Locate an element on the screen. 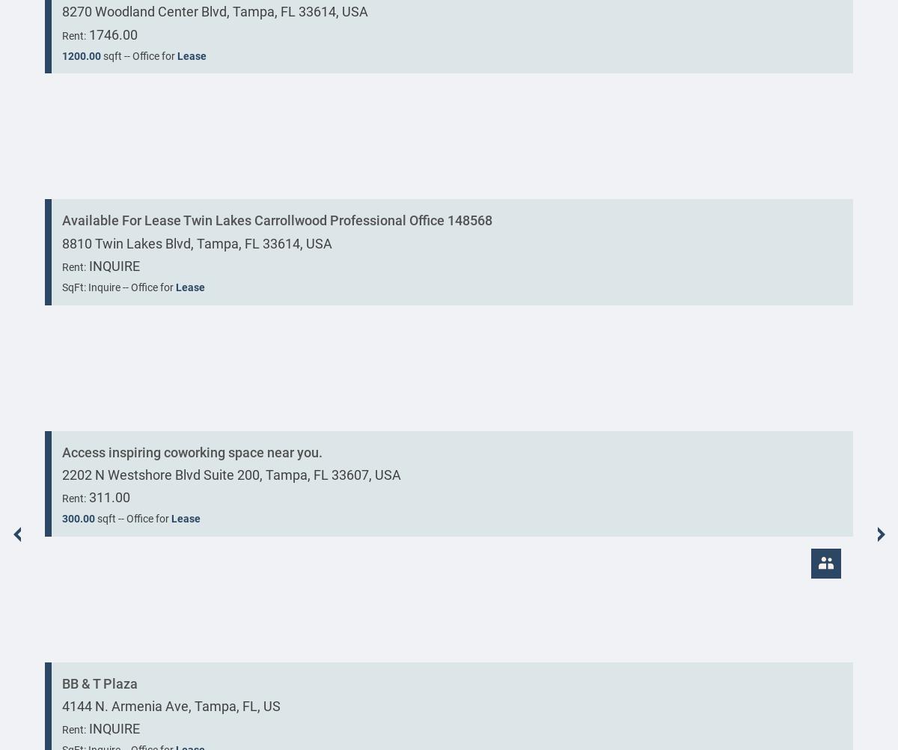 Image resolution: width=898 pixels, height=750 pixels. '2202 N Westshore Blvd Suite 200, Tampa, FL 33607, USA' is located at coordinates (62, 473).